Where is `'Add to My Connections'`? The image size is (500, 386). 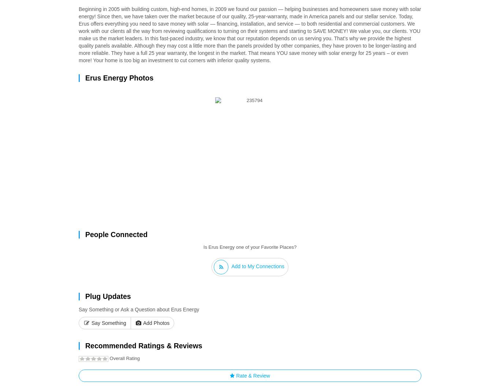 'Add to My Connections' is located at coordinates (257, 266).